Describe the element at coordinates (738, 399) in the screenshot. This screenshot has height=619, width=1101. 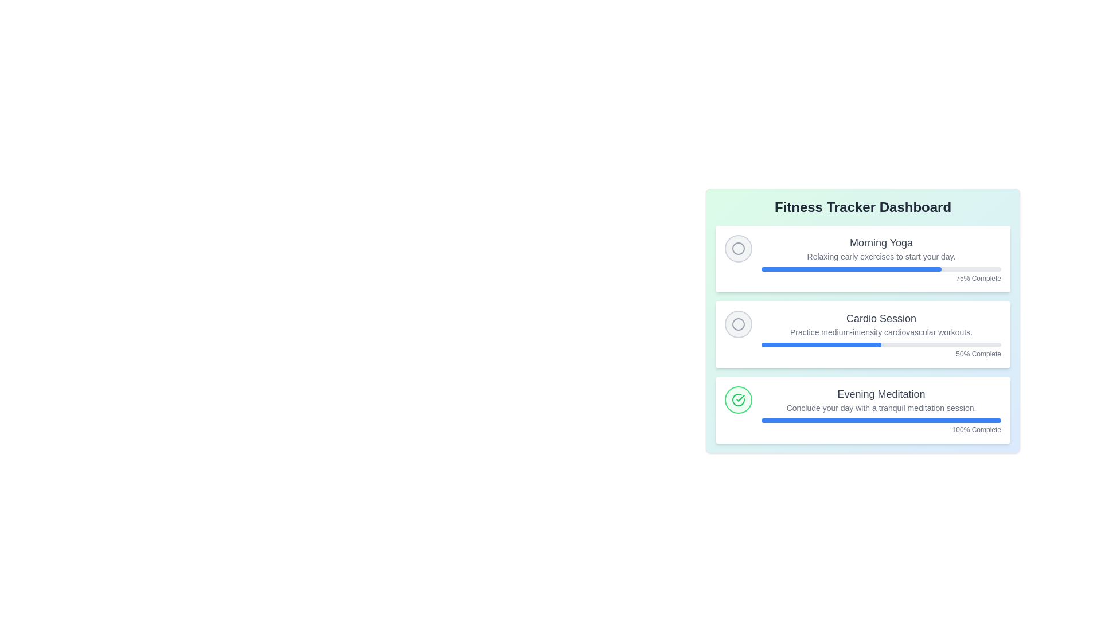
I see `the circular green-bordered icon with a checkmark symbol inside it, located in the bottom section of the Fitness Tracker Dashboard, adjacent to 'Evening Meditation', for possible interaction` at that location.